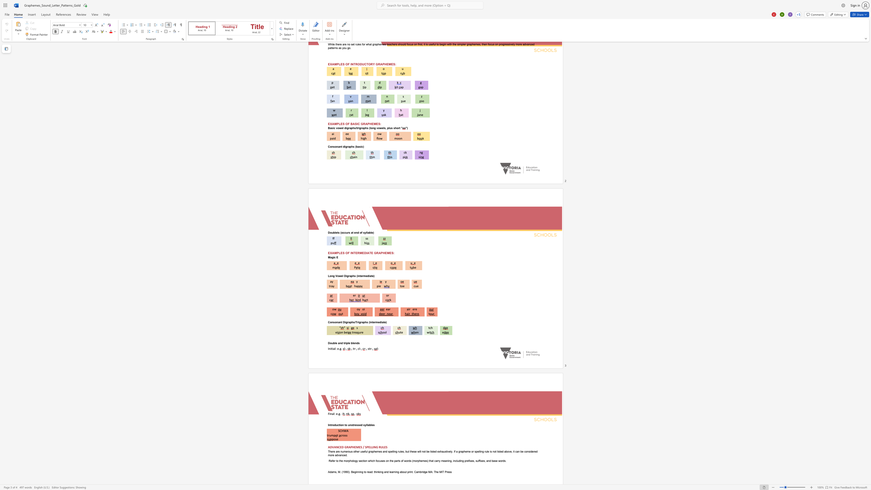 Image resolution: width=871 pixels, height=490 pixels. I want to click on the 2th character "a" in the text, so click(370, 275).